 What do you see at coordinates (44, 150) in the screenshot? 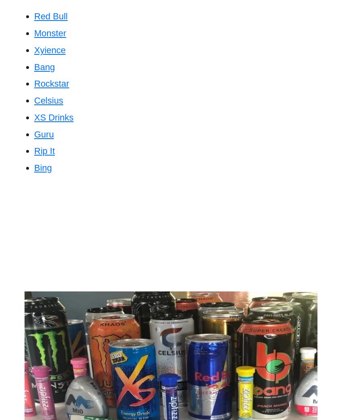
I see `'Rip It'` at bounding box center [44, 150].